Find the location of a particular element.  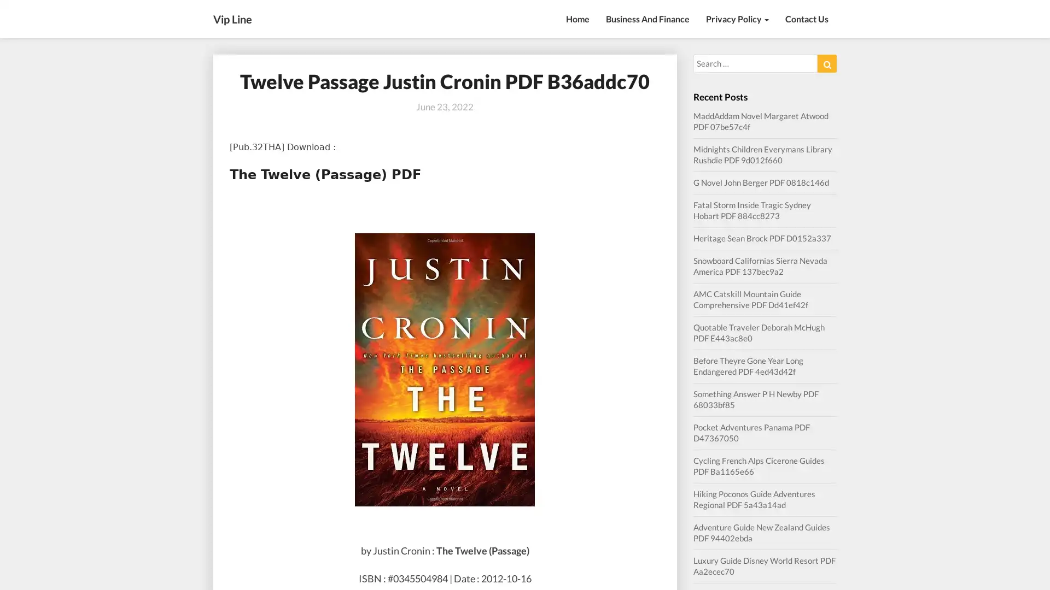

Search is located at coordinates (827, 63).